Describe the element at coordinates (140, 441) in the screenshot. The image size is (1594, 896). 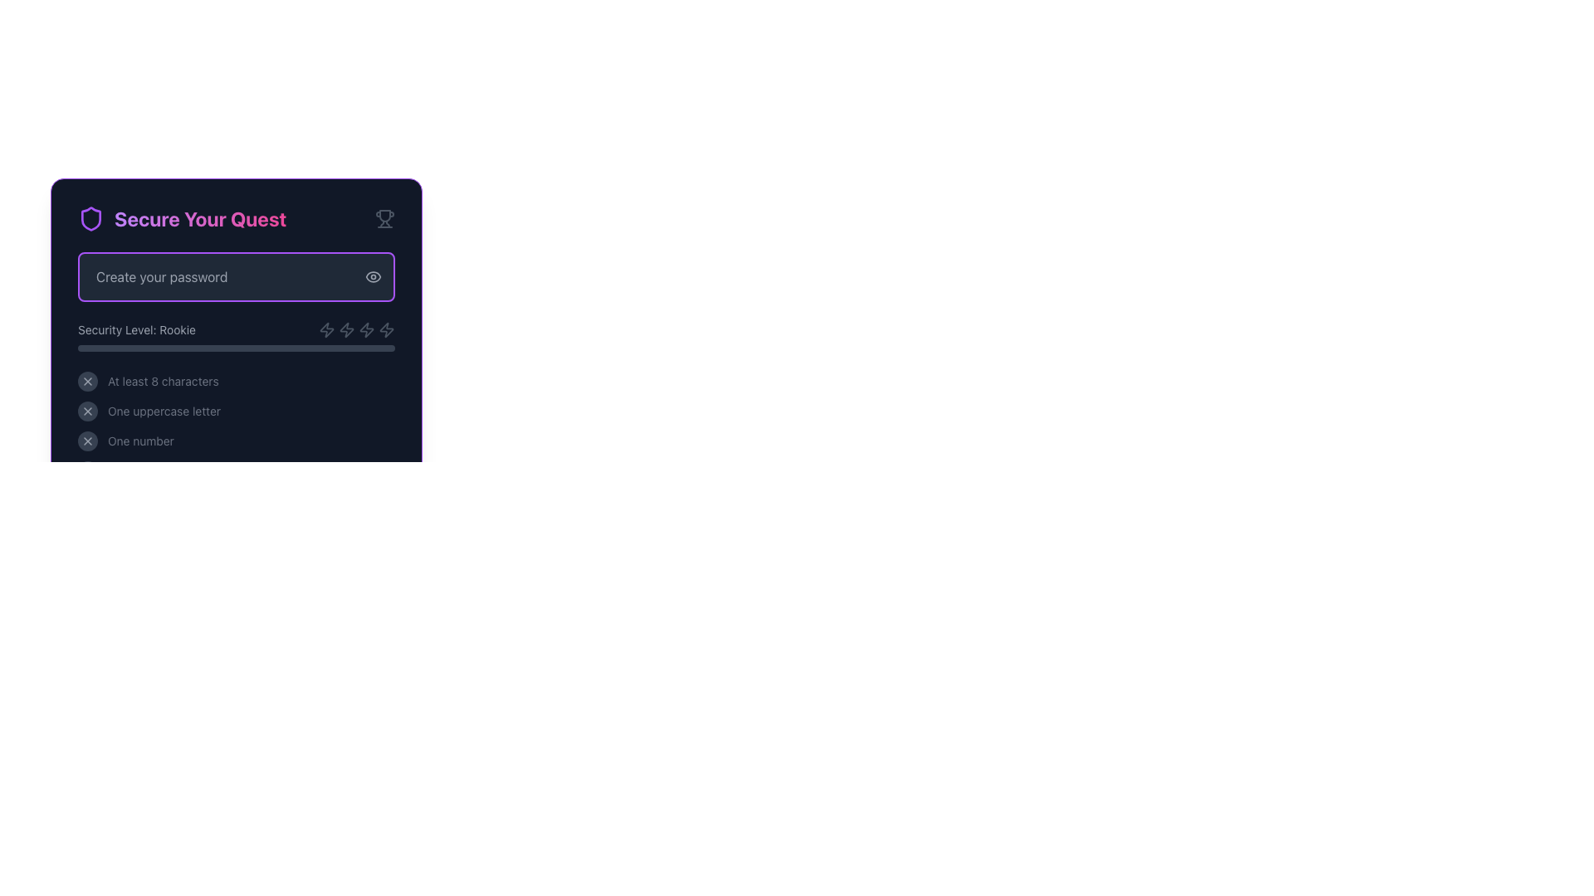
I see `the text label that reads 'One number', which is styled with a smaller font and gray color, located at the bottom-left corner of the password requirements list` at that location.